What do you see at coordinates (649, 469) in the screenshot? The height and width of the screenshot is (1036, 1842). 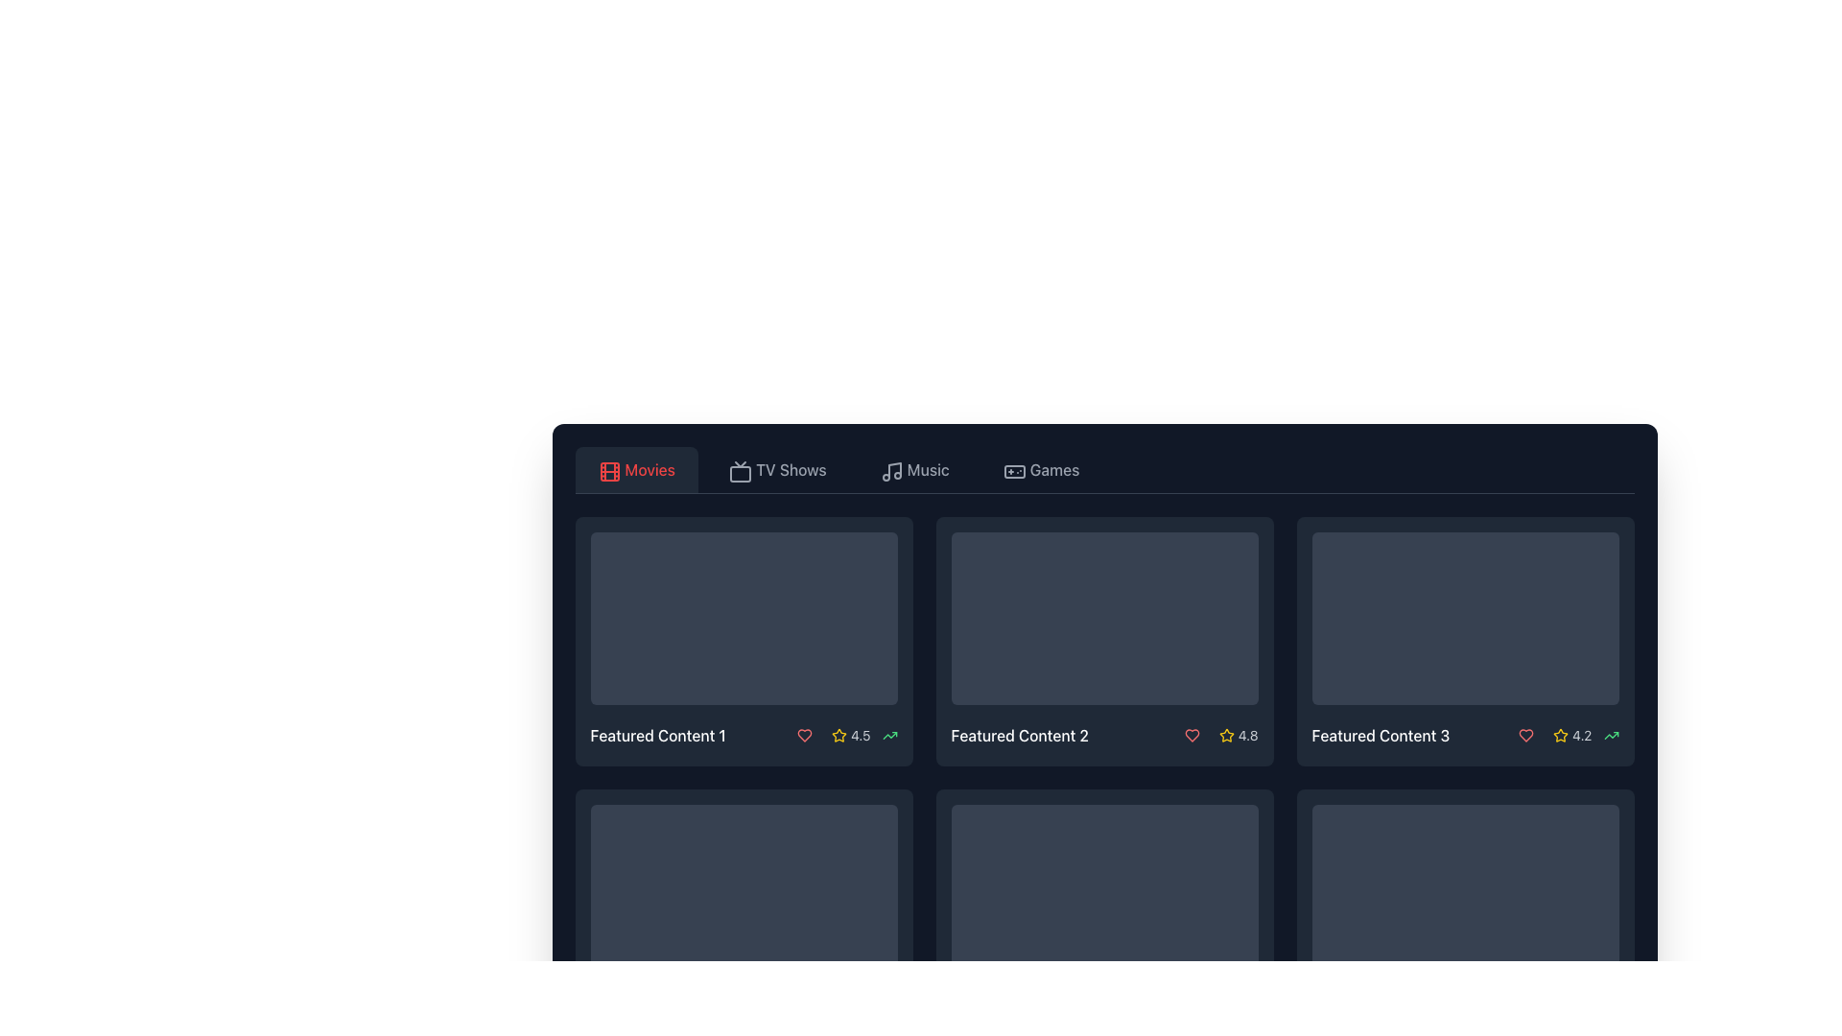 I see `the 'Movies' text label in the navigation bar` at bounding box center [649, 469].